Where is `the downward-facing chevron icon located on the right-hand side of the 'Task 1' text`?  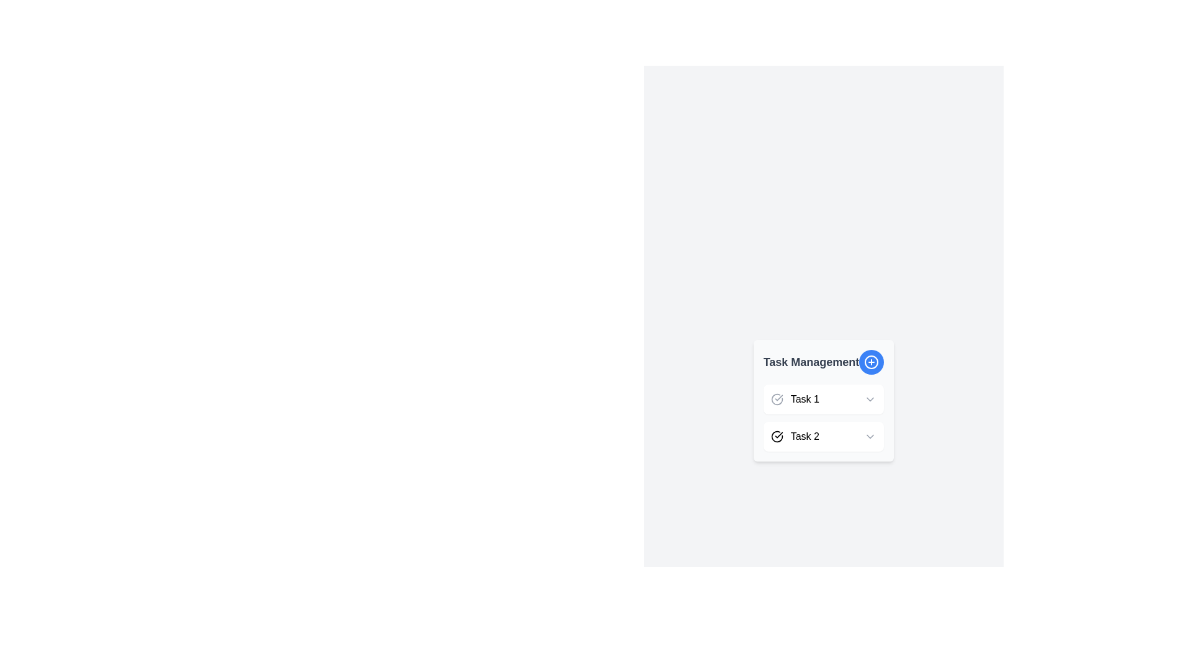 the downward-facing chevron icon located on the right-hand side of the 'Task 1' text is located at coordinates (870, 400).